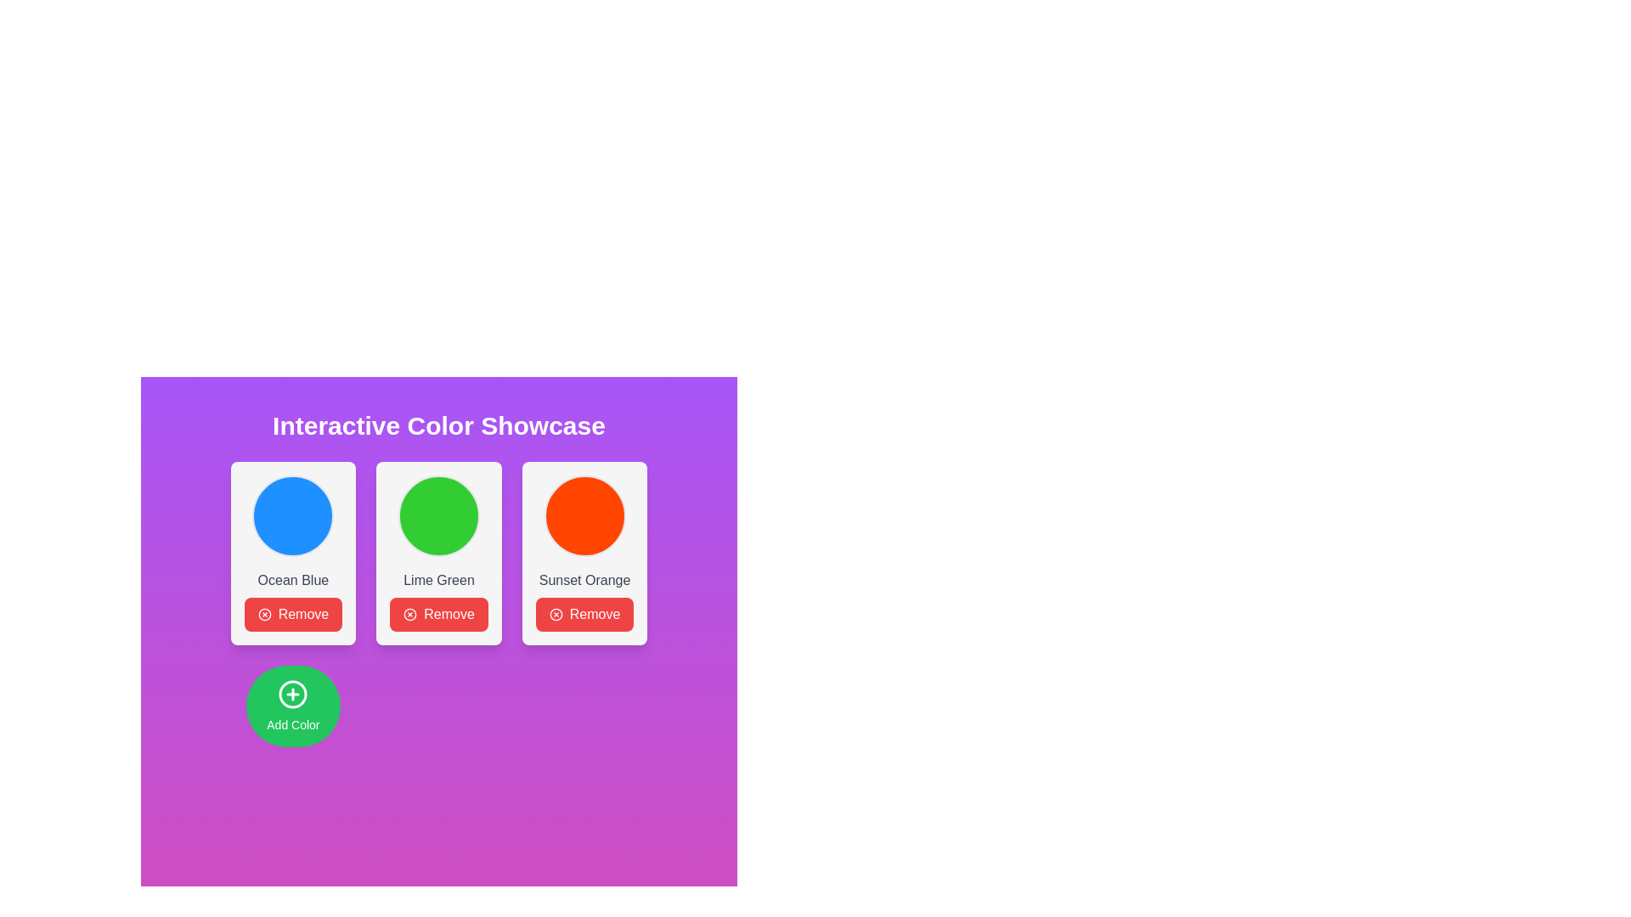  What do you see at coordinates (293, 515) in the screenshot?
I see `the card containing the circular element labeled 'Ocean Blue' which has a bright blue fill, located at the top center of the card in a three-card layout` at bounding box center [293, 515].